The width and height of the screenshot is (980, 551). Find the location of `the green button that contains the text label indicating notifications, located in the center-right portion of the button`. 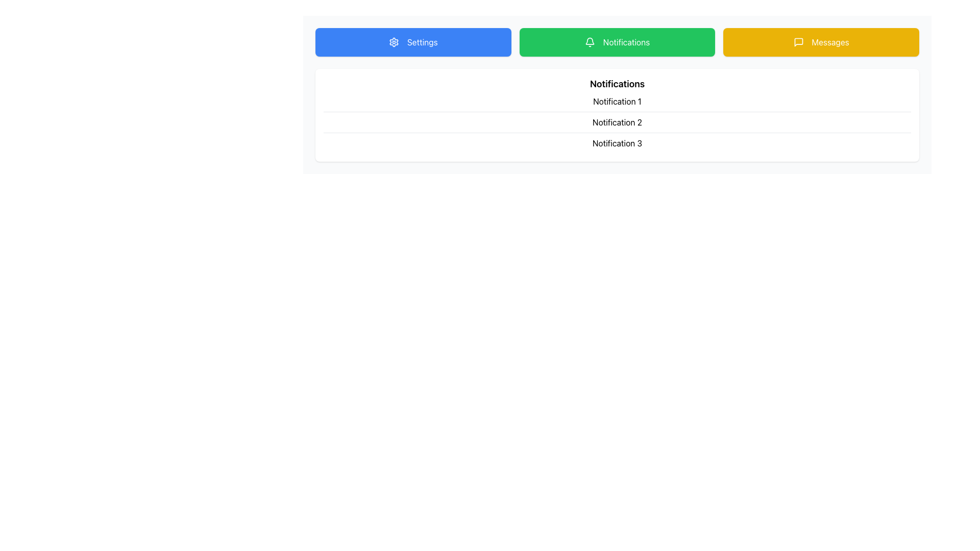

the green button that contains the text label indicating notifications, located in the center-right portion of the button is located at coordinates (626, 42).